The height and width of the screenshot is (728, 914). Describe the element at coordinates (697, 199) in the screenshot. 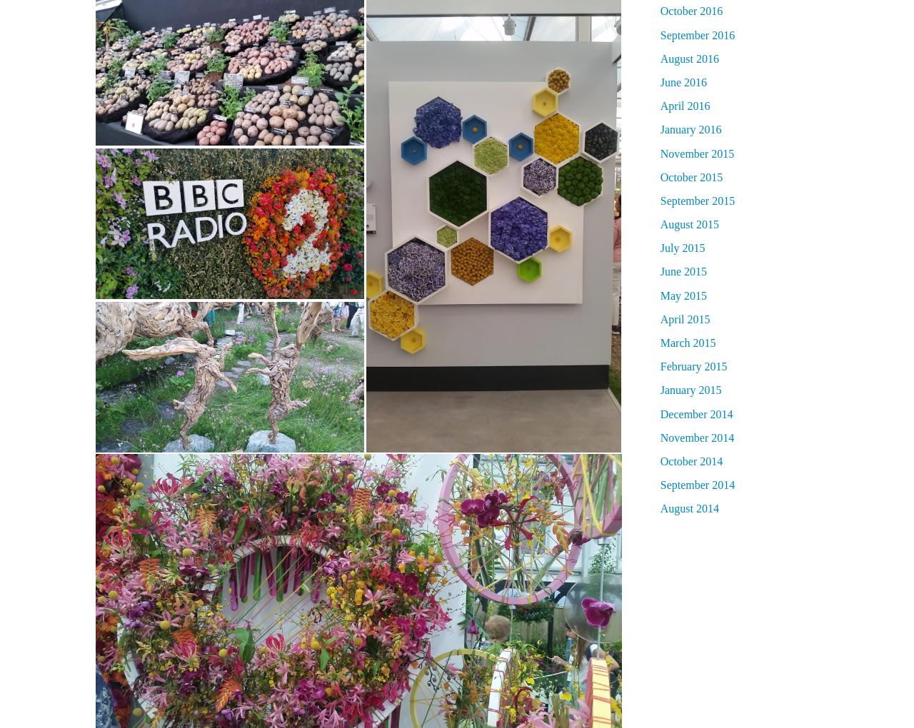

I see `'September 2015'` at that location.